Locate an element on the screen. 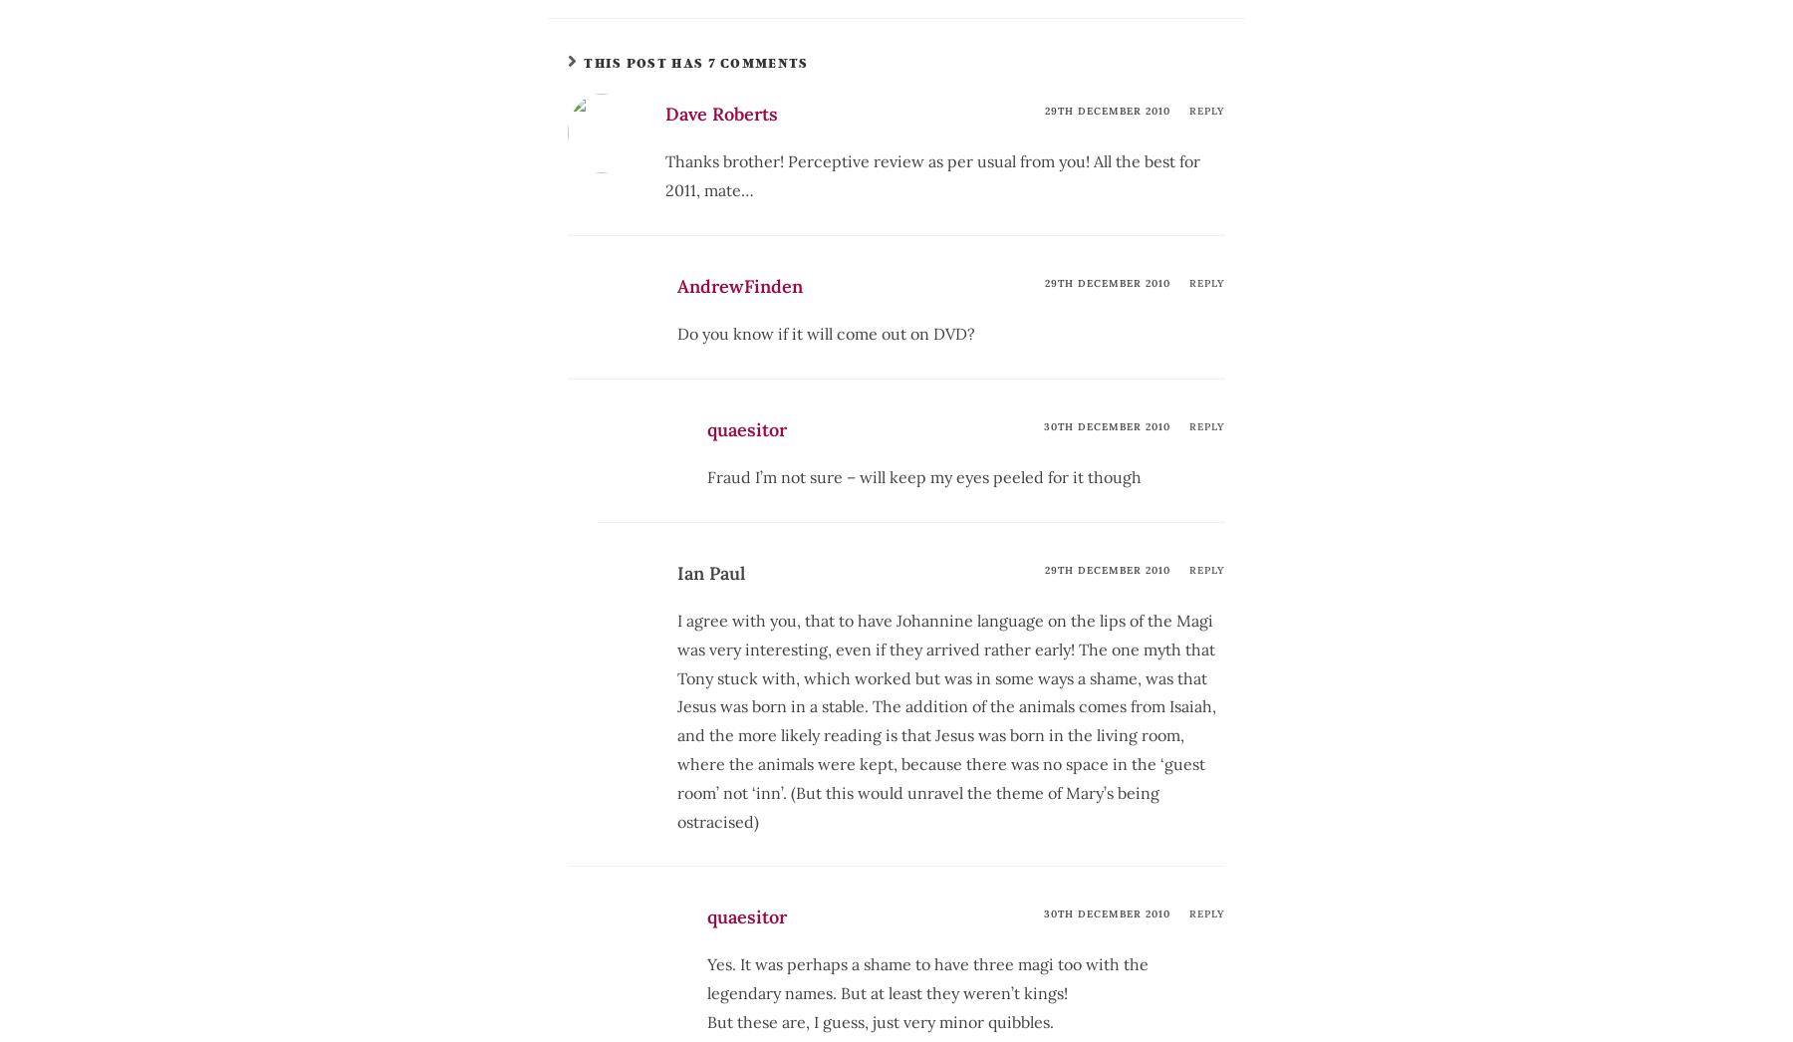  'Do you know if it will come out on DVD?' is located at coordinates (826, 331).